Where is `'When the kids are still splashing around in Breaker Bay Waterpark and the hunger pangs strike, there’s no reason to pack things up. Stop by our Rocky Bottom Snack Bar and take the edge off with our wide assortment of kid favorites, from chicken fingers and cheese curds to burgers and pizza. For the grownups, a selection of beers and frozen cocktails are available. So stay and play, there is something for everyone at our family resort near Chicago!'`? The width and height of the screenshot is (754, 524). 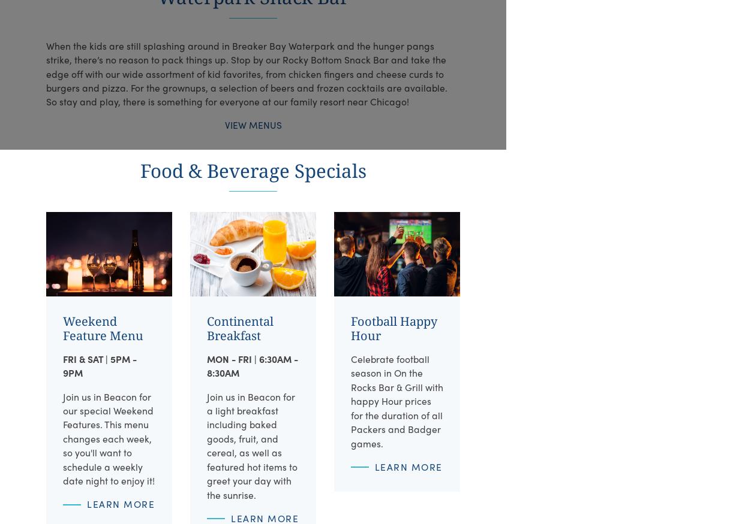 'When the kids are still splashing around in Breaker Bay Waterpark and the hunger pangs strike, there’s no reason to pack things up. Stop by our Rocky Bottom Snack Bar and take the edge off with our wide assortment of kid favorites, from chicken fingers and cheese curds to burgers and pizza. For the grownups, a selection of beers and frozen cocktails are available. So stay and play, there is something for everyone at our family resort near Chicago!' is located at coordinates (246, 73).